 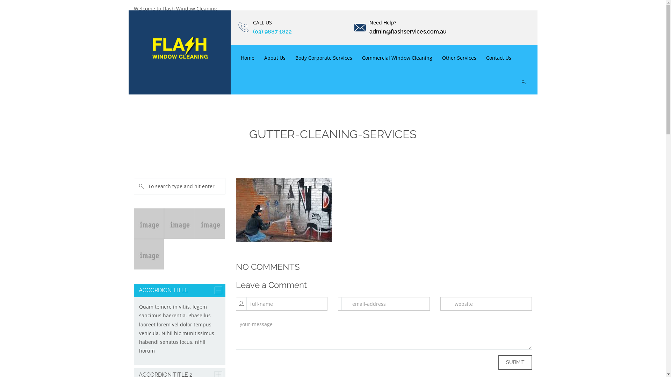 What do you see at coordinates (481, 57) in the screenshot?
I see `'Contact Us'` at bounding box center [481, 57].